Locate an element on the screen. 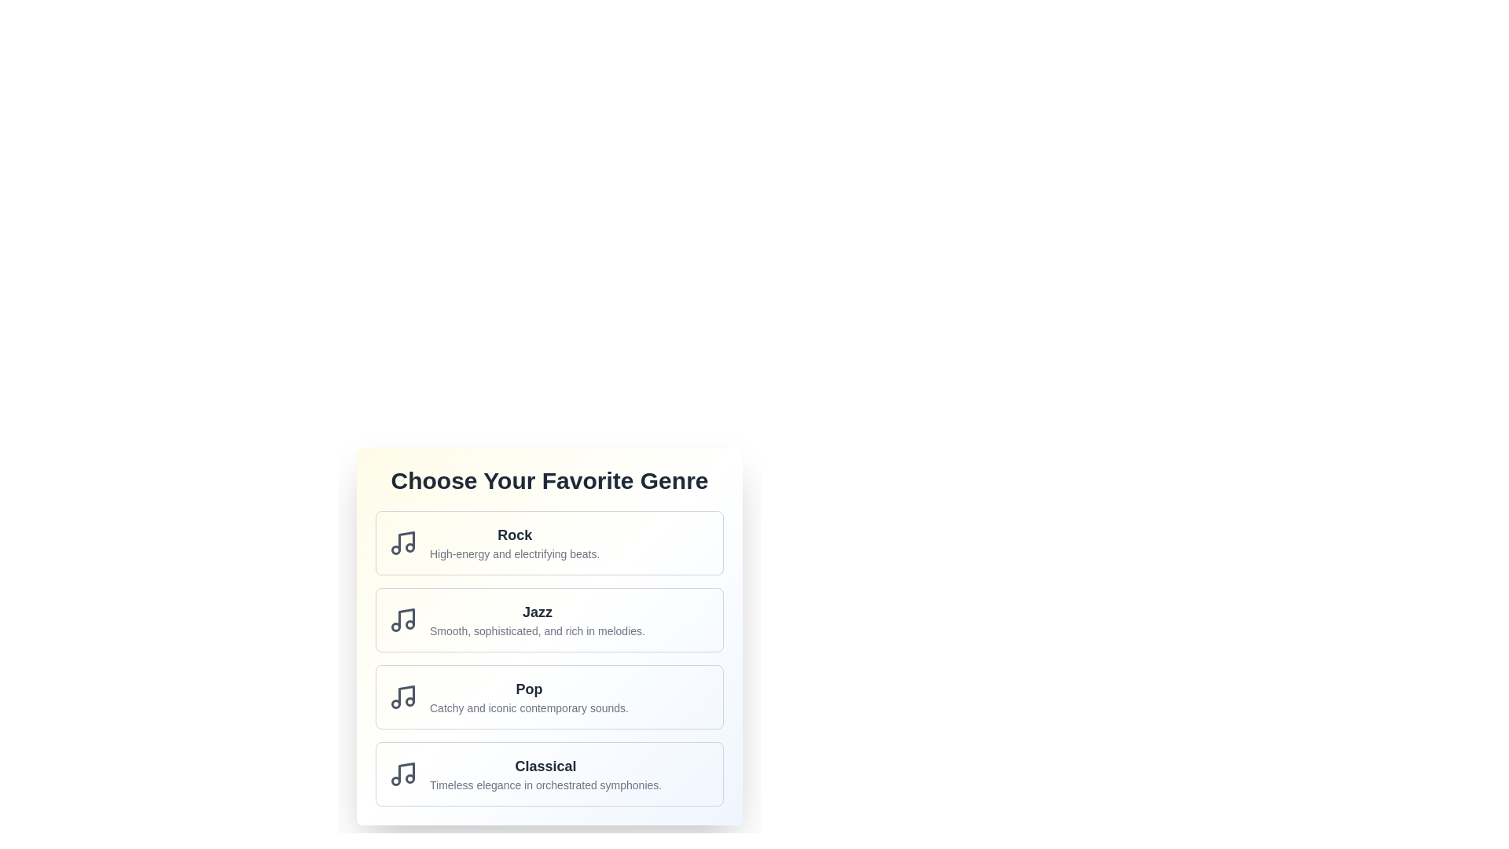 The height and width of the screenshot is (849, 1509). the text label 'Classical' which is styled with a large, bold font and dark gray color, located at the top of a descriptive text section within a card-like layout is located at coordinates (545, 766).